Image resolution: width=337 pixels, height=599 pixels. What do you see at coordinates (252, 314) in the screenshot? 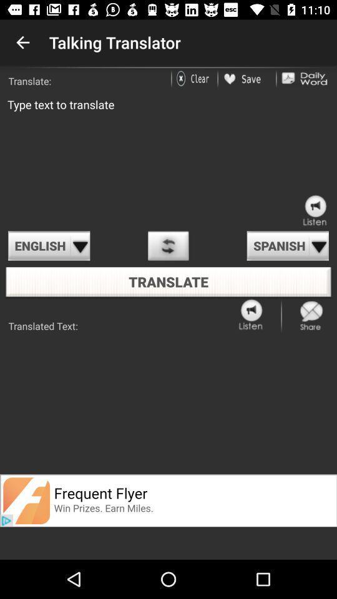
I see `sound` at bounding box center [252, 314].